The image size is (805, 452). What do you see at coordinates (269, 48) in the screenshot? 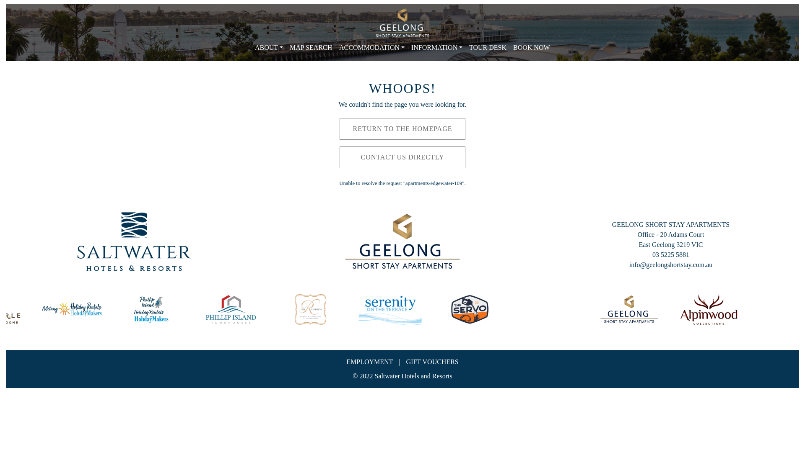
I see `'ABOUT'` at bounding box center [269, 48].